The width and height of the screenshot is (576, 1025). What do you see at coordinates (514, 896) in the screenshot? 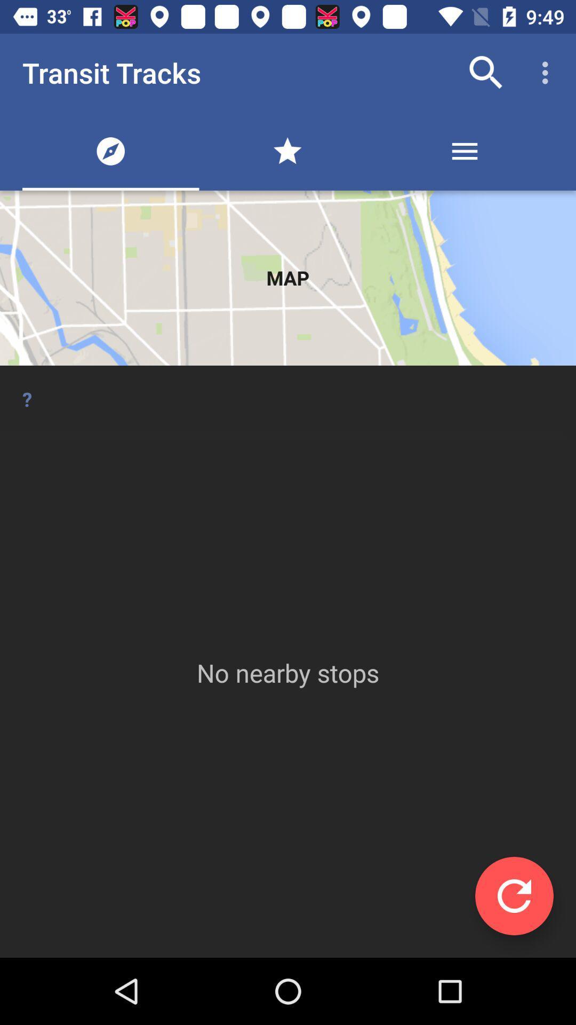
I see `the refresh icon` at bounding box center [514, 896].